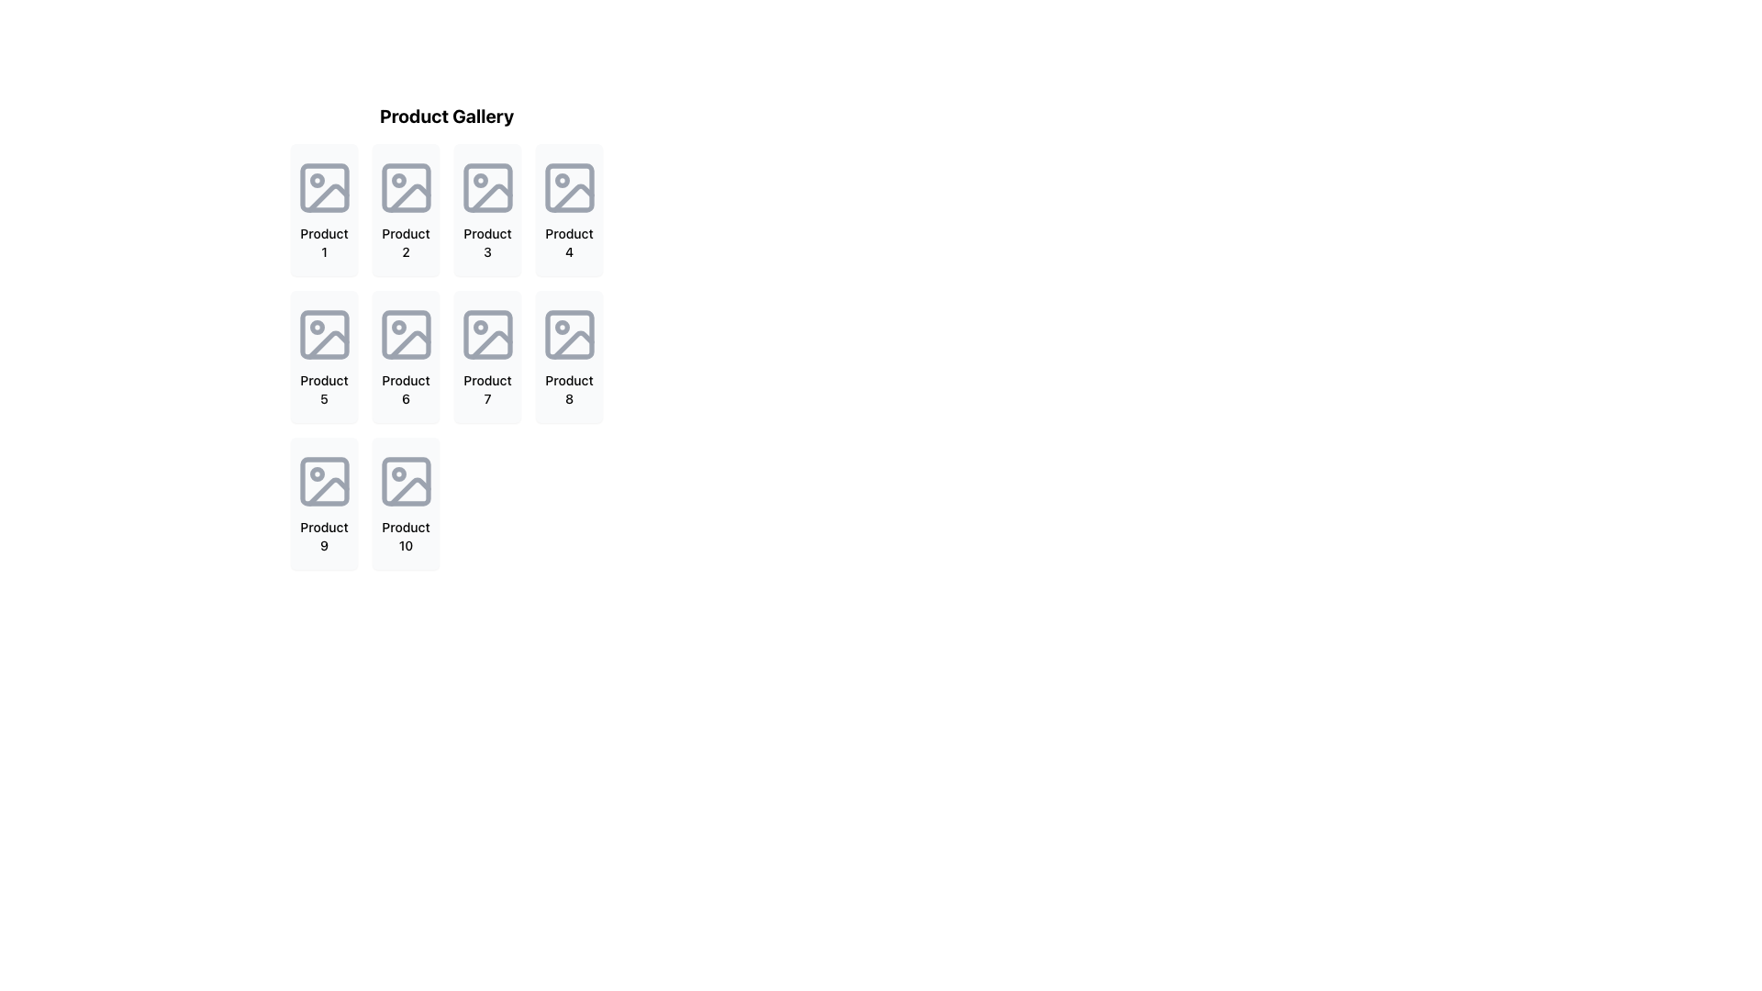 This screenshot has height=991, width=1762. I want to click on the Card with the icon and label 'Product 3', which has a light gray background, rounded corners, and is positioned in the first row of a 4-column grid layout, so click(487, 208).